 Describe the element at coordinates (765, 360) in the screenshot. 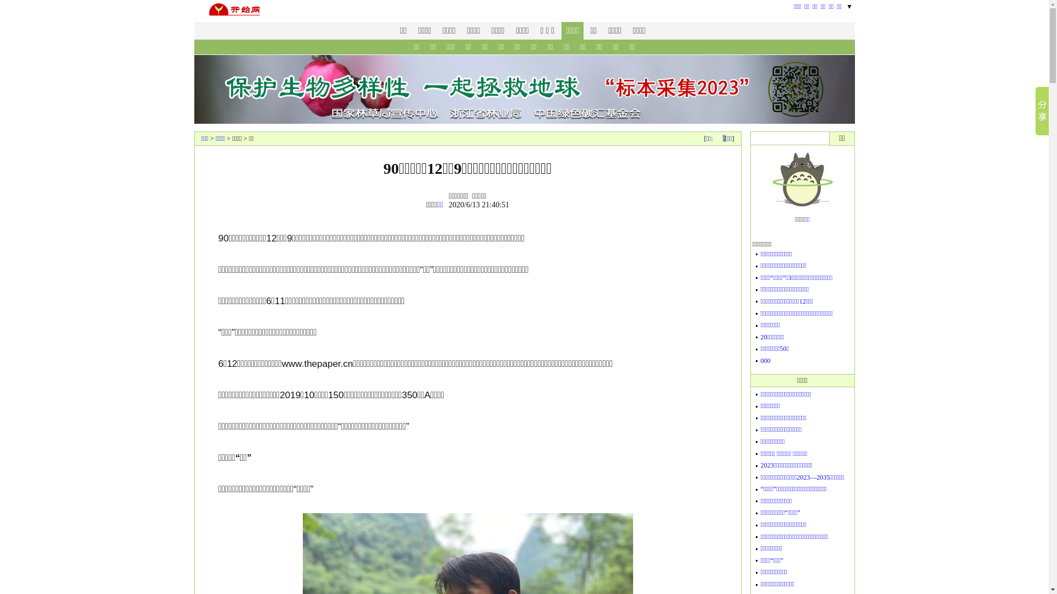

I see `'000'` at that location.